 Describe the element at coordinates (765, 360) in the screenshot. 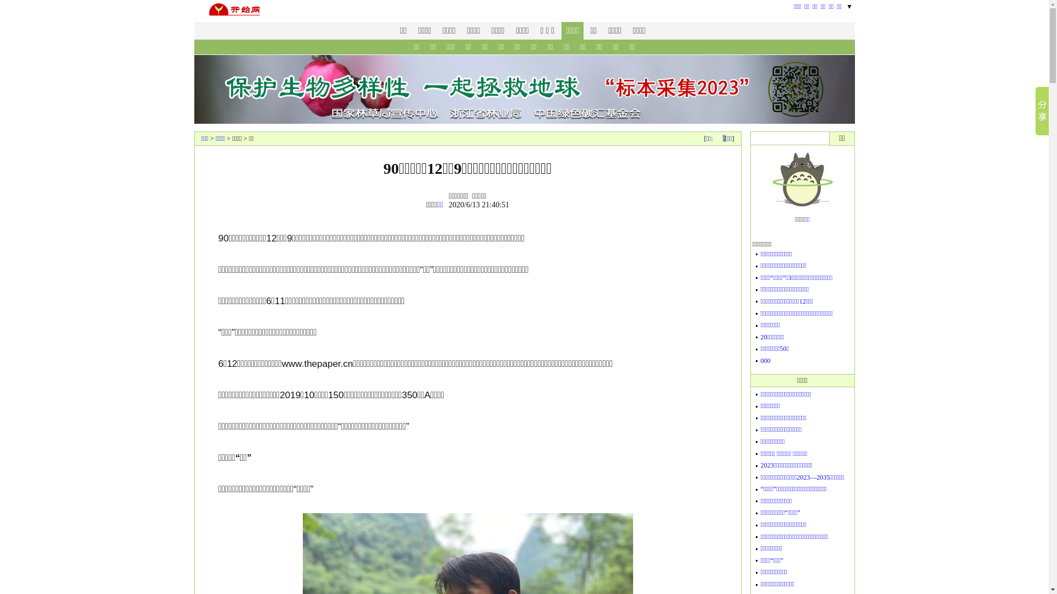

I see `'000'` at that location.